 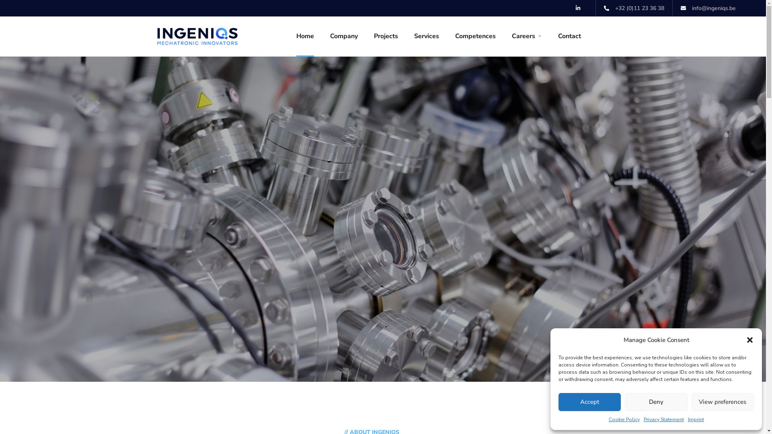 What do you see at coordinates (558, 402) in the screenshot?
I see `'Accept'` at bounding box center [558, 402].